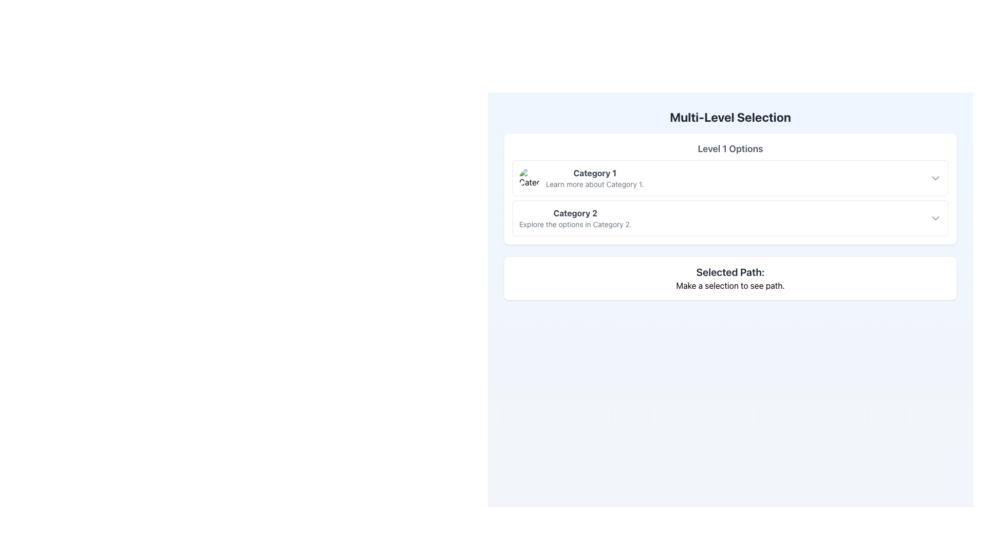 This screenshot has width=987, height=555. What do you see at coordinates (575, 217) in the screenshot?
I see `the second Text Block in the 'Level 1 Options' group, located below the 'Category 1' section` at bounding box center [575, 217].